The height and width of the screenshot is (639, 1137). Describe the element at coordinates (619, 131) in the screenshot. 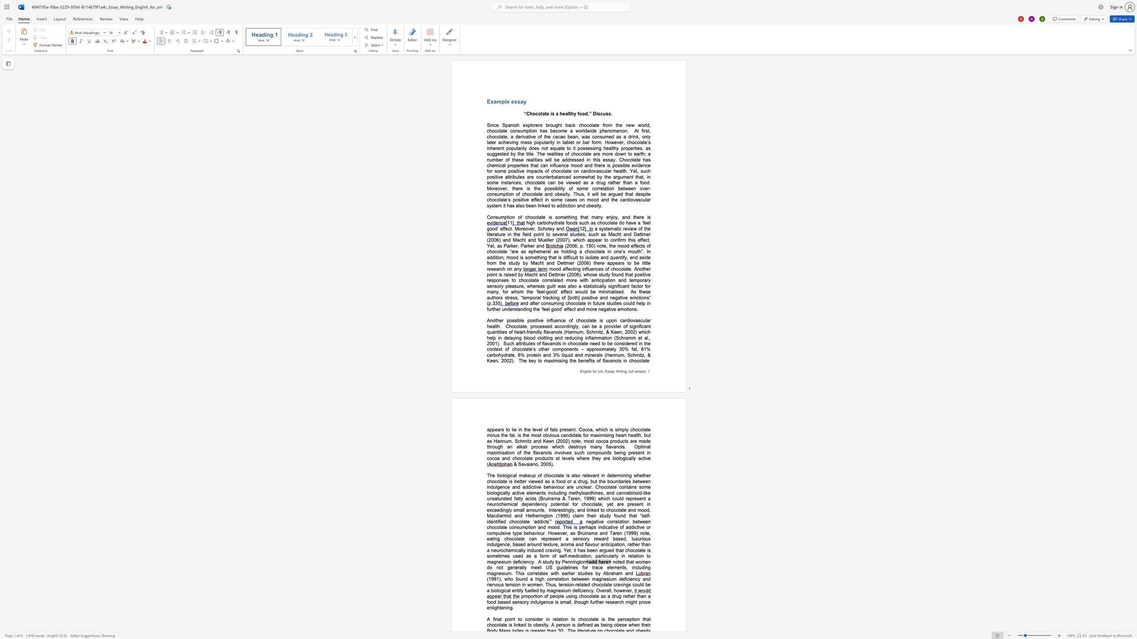

I see `the subset text "non" within the text "Since Spanish explorers brought back chocolate from the new world, chocolate consumption has become a worldwide phenomenon"` at that location.